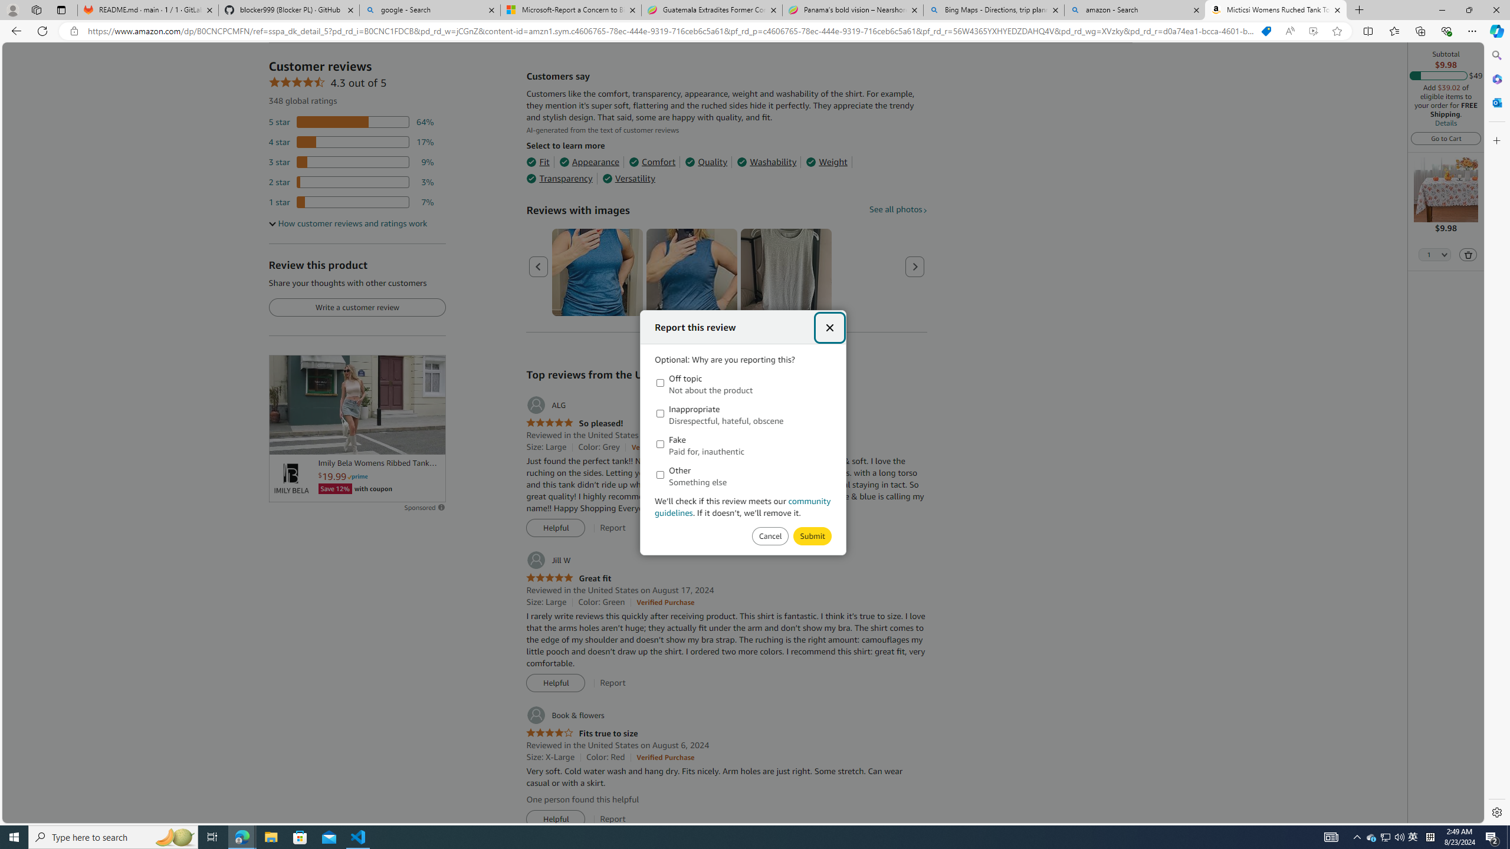 The image size is (1510, 849). What do you see at coordinates (612, 819) in the screenshot?
I see `'Report'` at bounding box center [612, 819].